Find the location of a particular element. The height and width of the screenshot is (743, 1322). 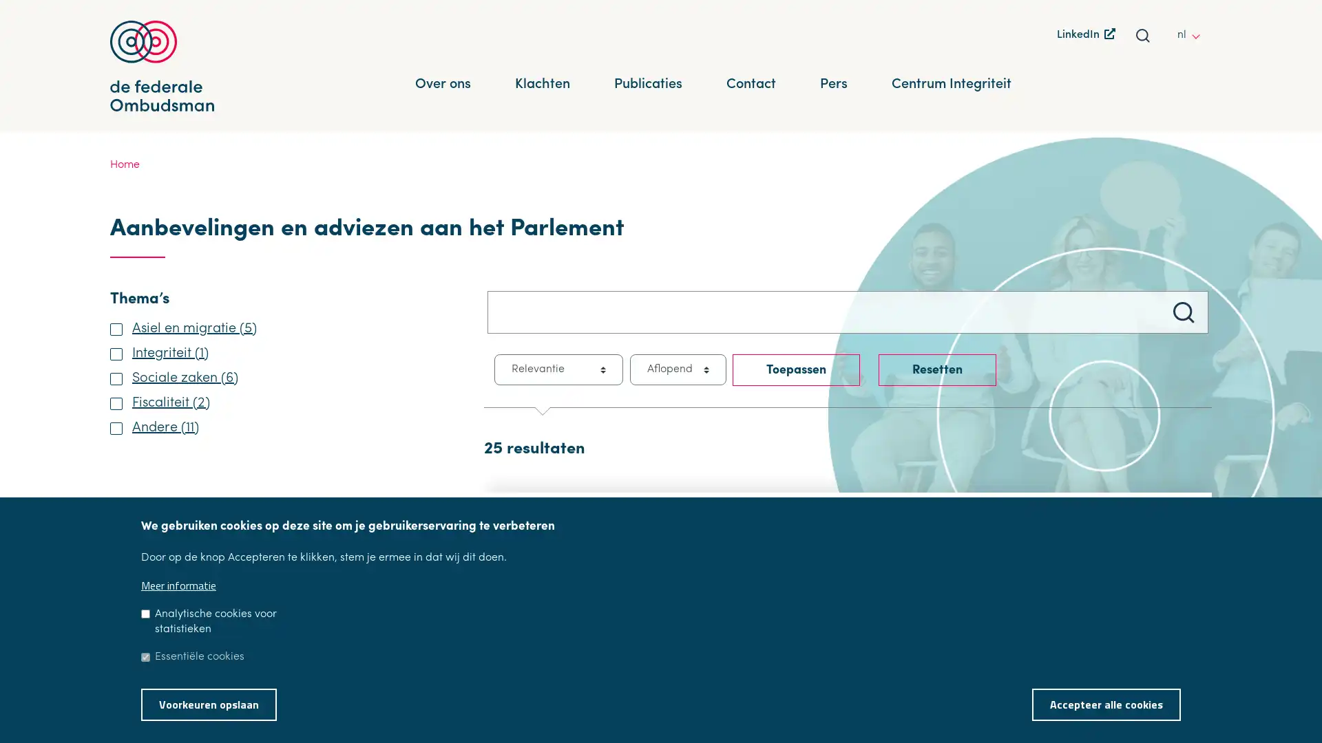

Accepteer alle cookies is located at coordinates (1106, 704).